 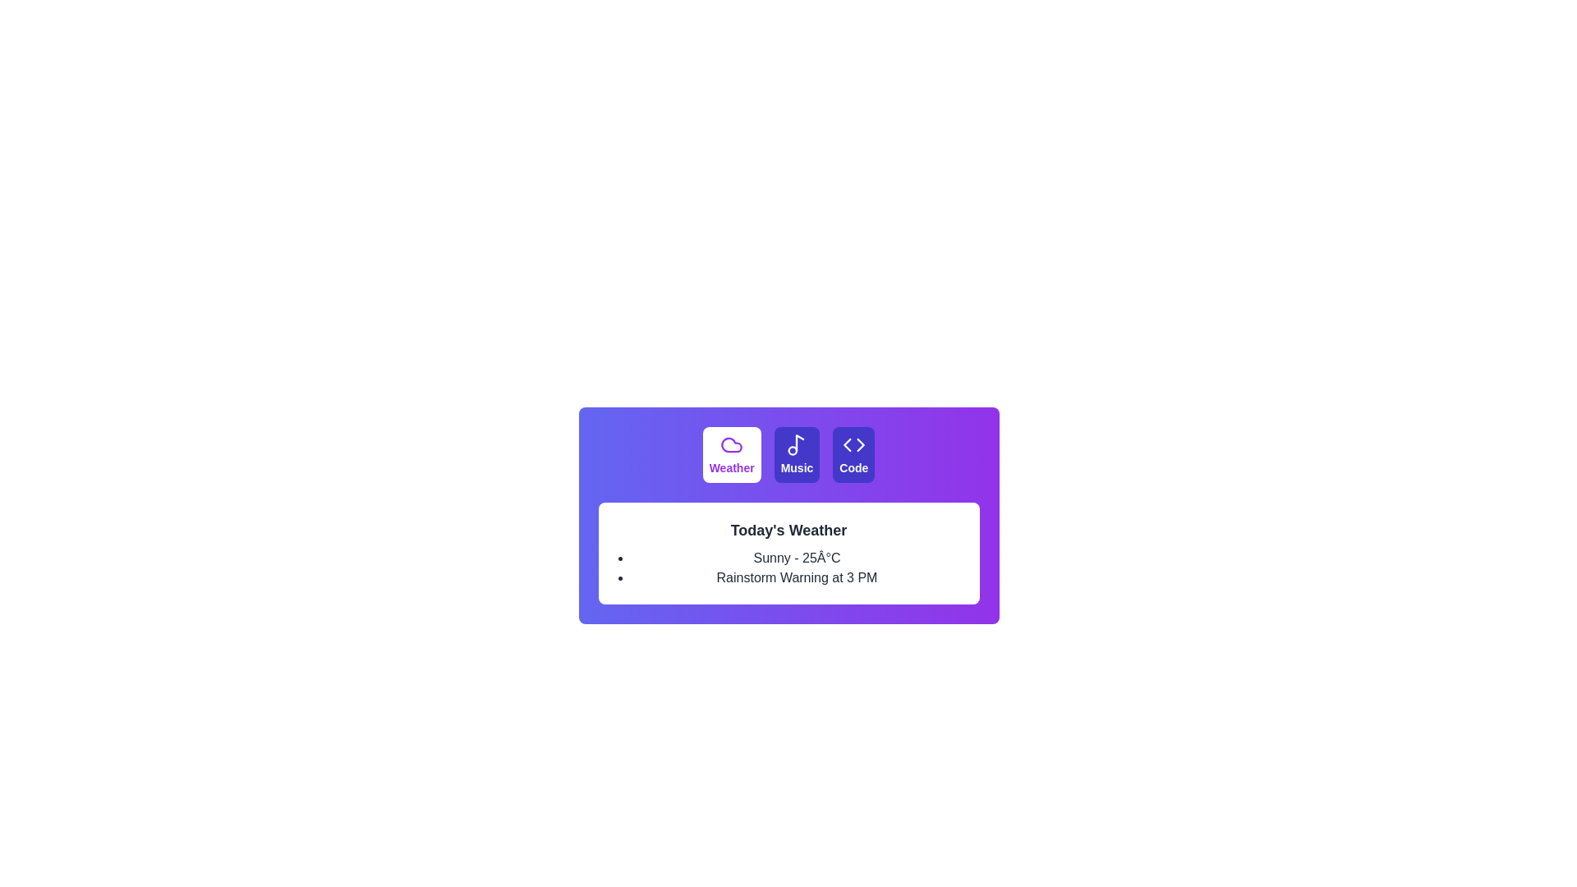 I want to click on the 'Music' button in the group of horizontally laid out buttons for navigating options like 'Weather', 'Music', and 'Code', so click(x=788, y=455).